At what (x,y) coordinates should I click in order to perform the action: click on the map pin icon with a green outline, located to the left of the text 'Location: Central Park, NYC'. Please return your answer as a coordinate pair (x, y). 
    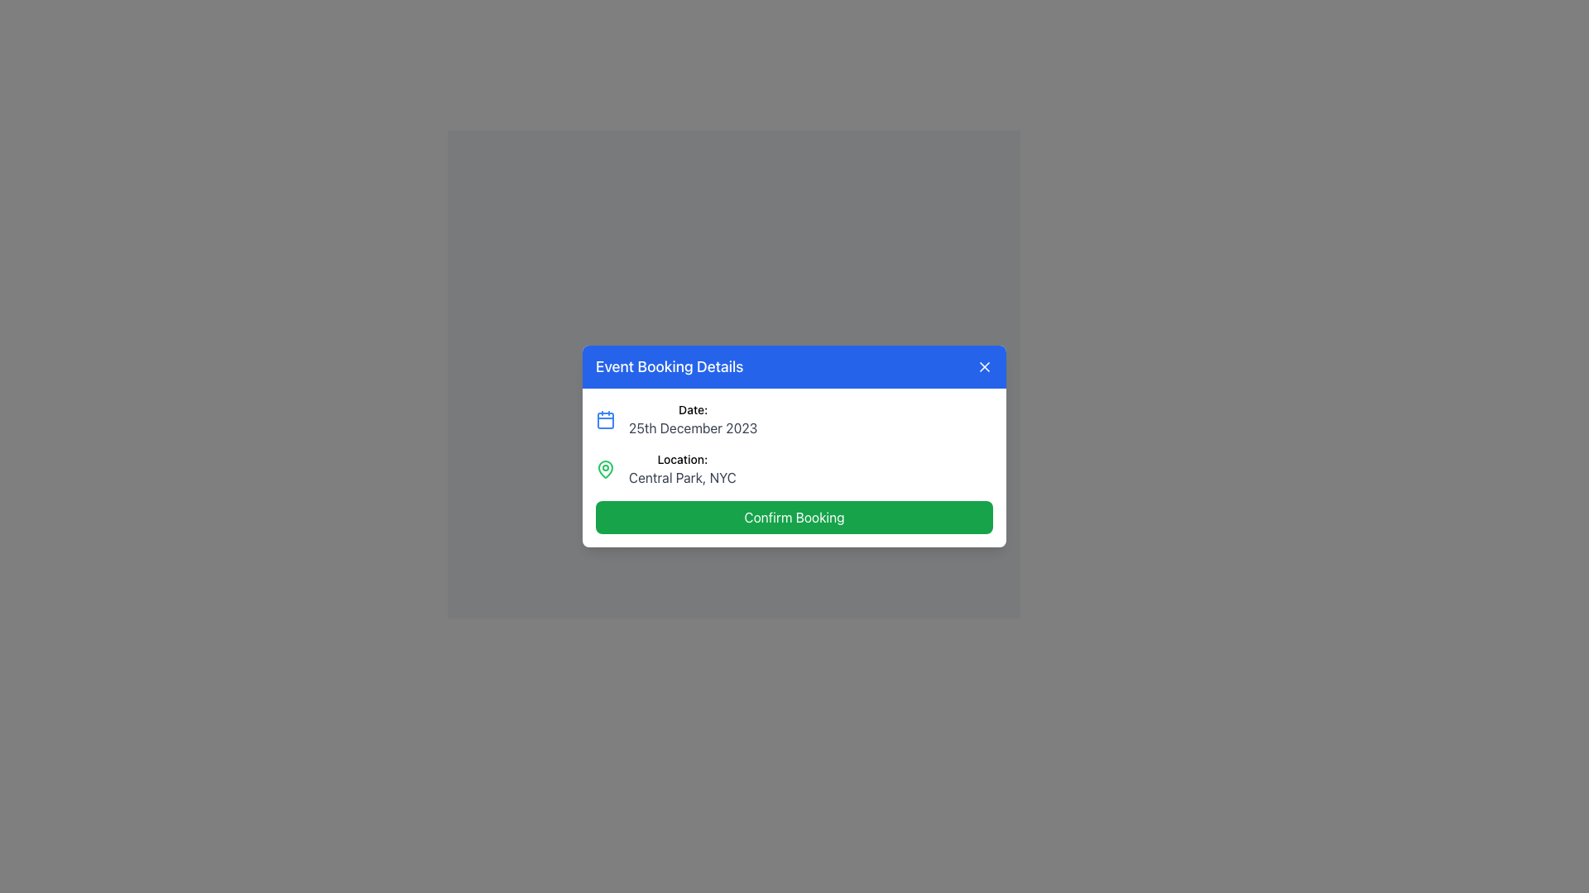
    Looking at the image, I should click on (604, 469).